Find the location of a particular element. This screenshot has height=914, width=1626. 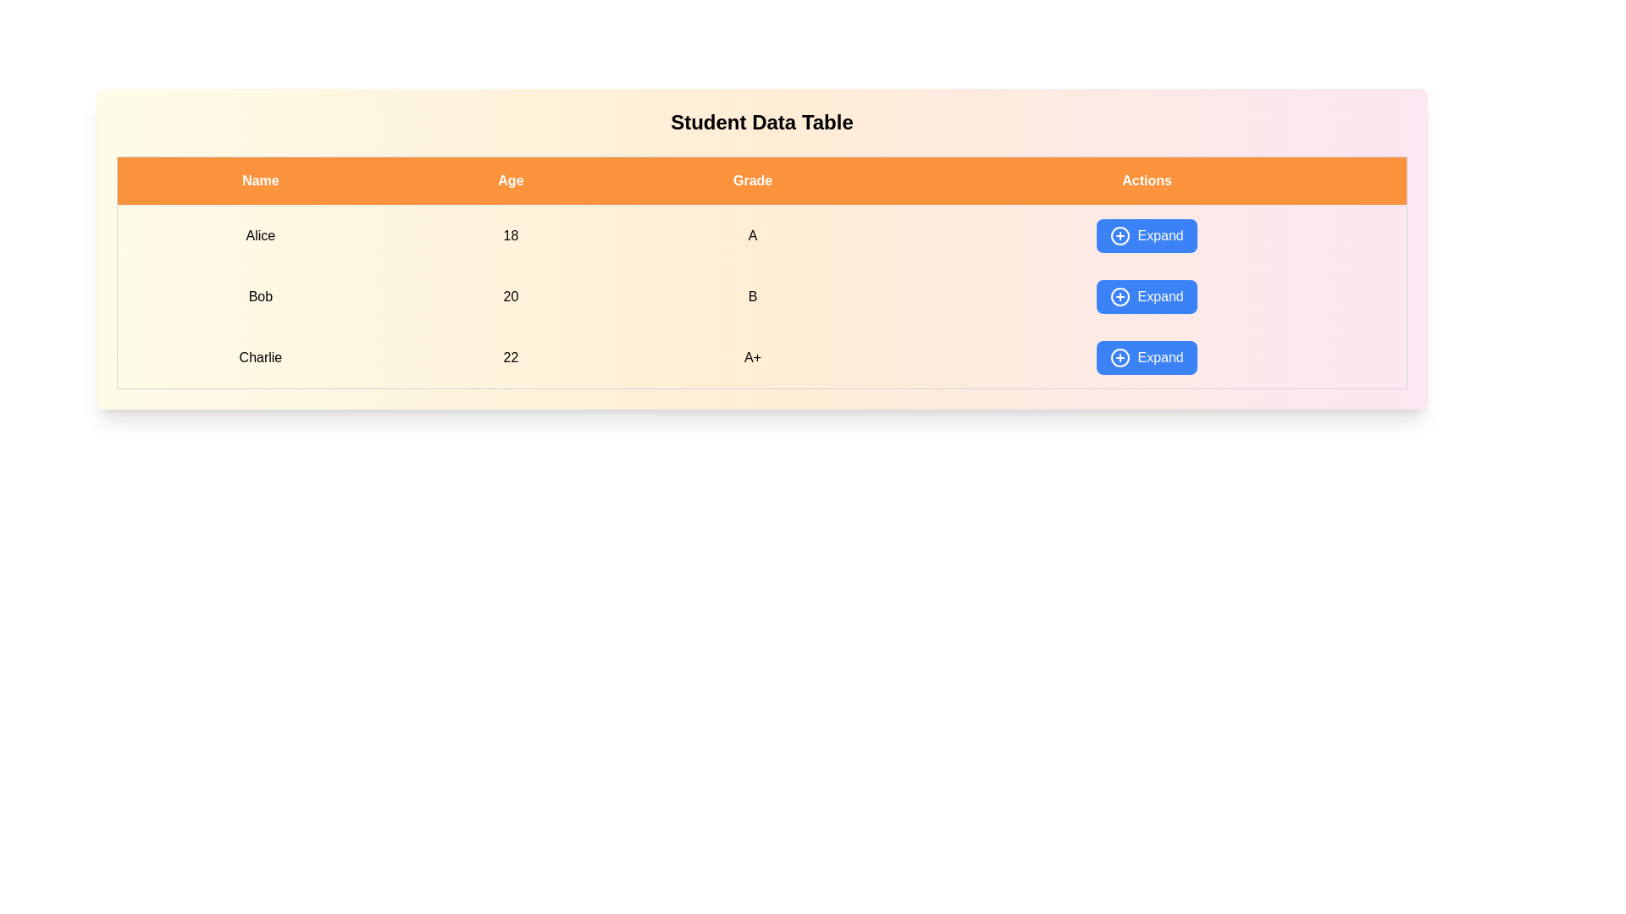

the Text Label displaying the capital letter 'A' for the student 'Alice' in the 'Grade' column of the table is located at coordinates (752, 235).